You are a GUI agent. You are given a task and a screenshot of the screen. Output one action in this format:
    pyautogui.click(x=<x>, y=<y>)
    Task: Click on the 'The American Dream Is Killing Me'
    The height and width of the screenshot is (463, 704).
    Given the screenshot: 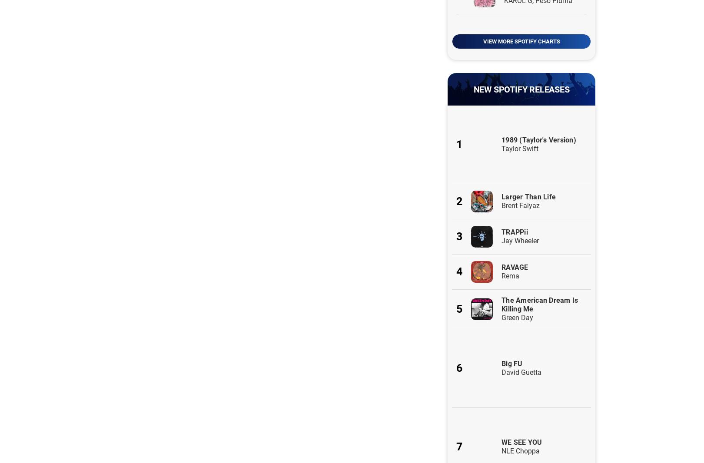 What is the action you would take?
    pyautogui.click(x=540, y=304)
    